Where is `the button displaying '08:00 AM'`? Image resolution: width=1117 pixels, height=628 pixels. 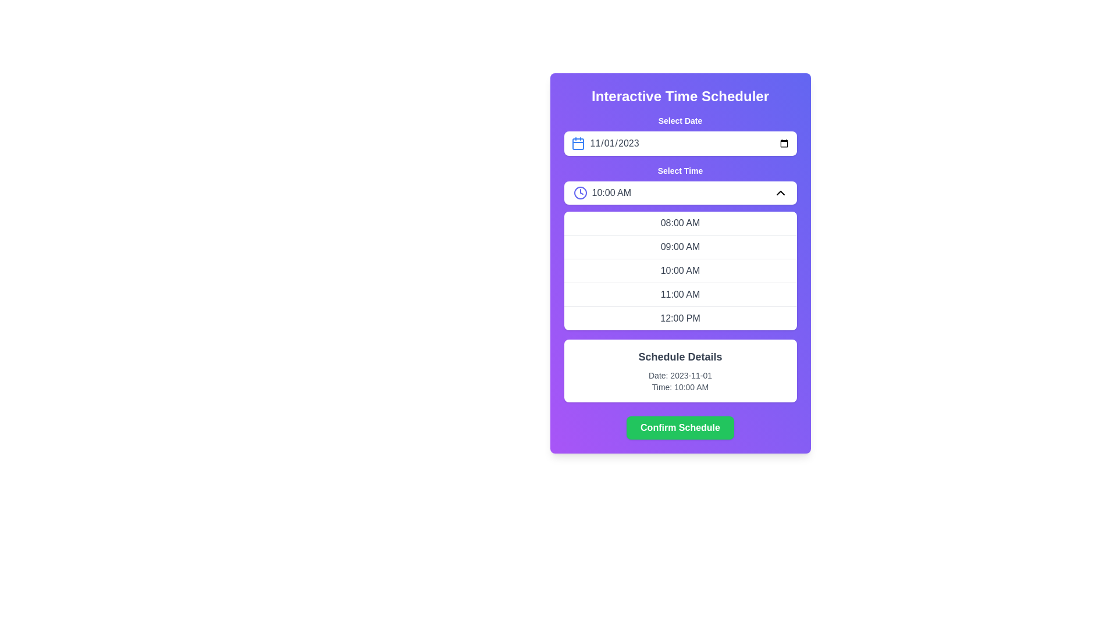 the button displaying '08:00 AM' is located at coordinates (680, 223).